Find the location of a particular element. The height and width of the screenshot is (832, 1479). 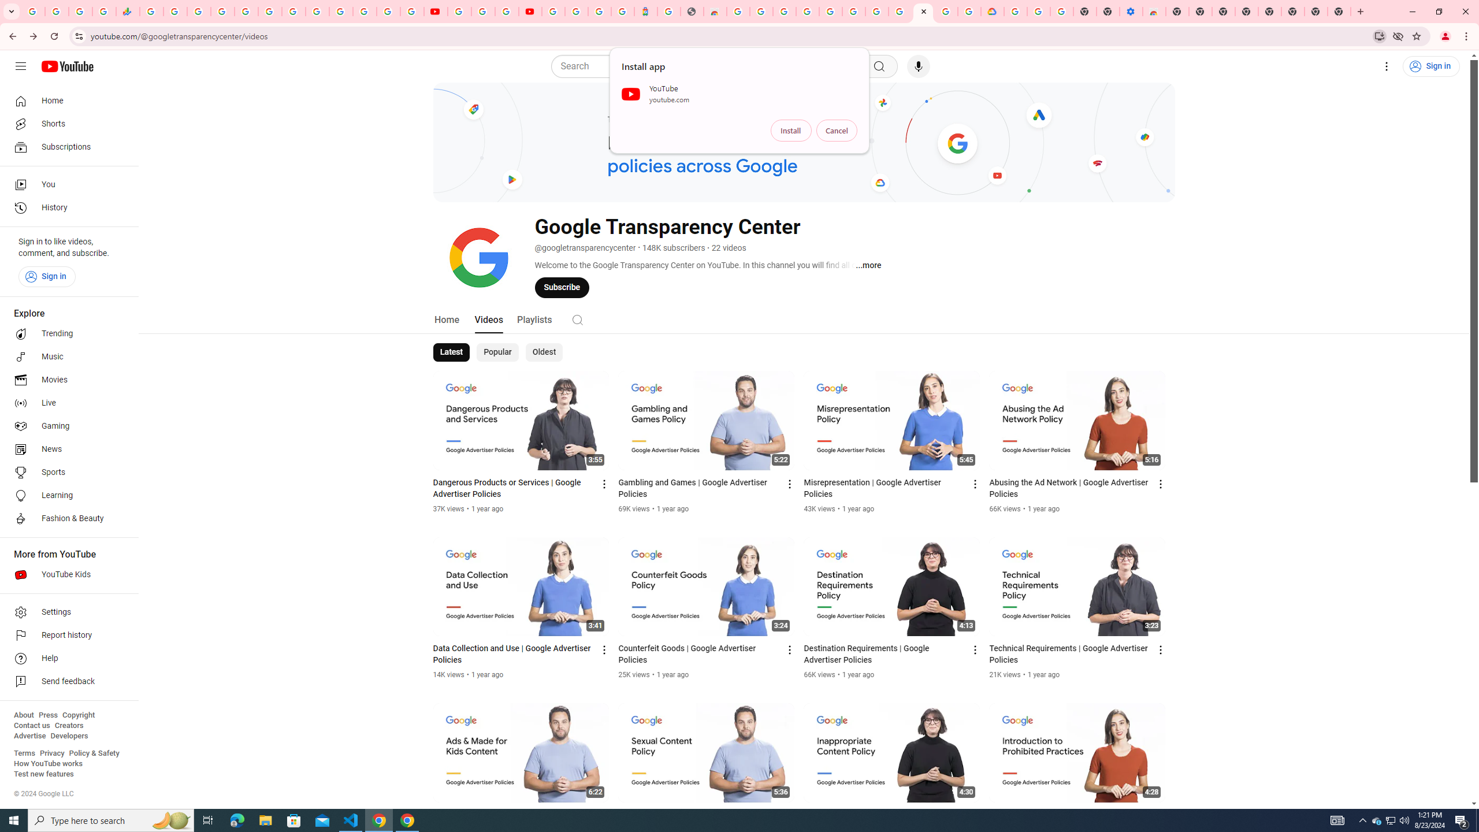

'YouTube Home' is located at coordinates (66, 66).